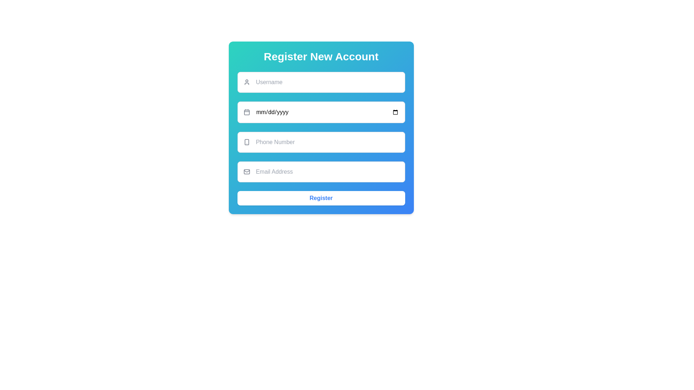 Image resolution: width=694 pixels, height=390 pixels. I want to click on the email icon that visually represents the email field, aiding users in associating the input field with entering an email address, so click(247, 172).